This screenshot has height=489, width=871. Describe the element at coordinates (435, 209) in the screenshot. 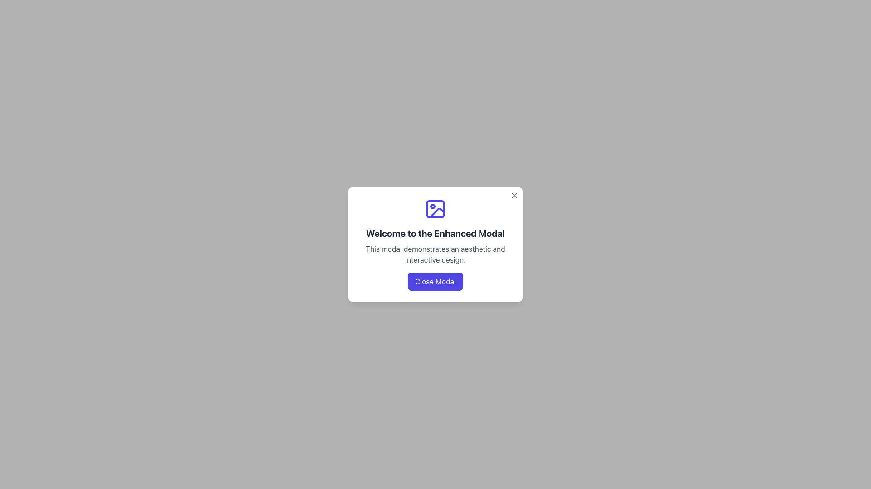

I see `the decorative icon located at the top of the modal window, which is centered above the header text 'Welcome to the Enhanced Modal'` at that location.